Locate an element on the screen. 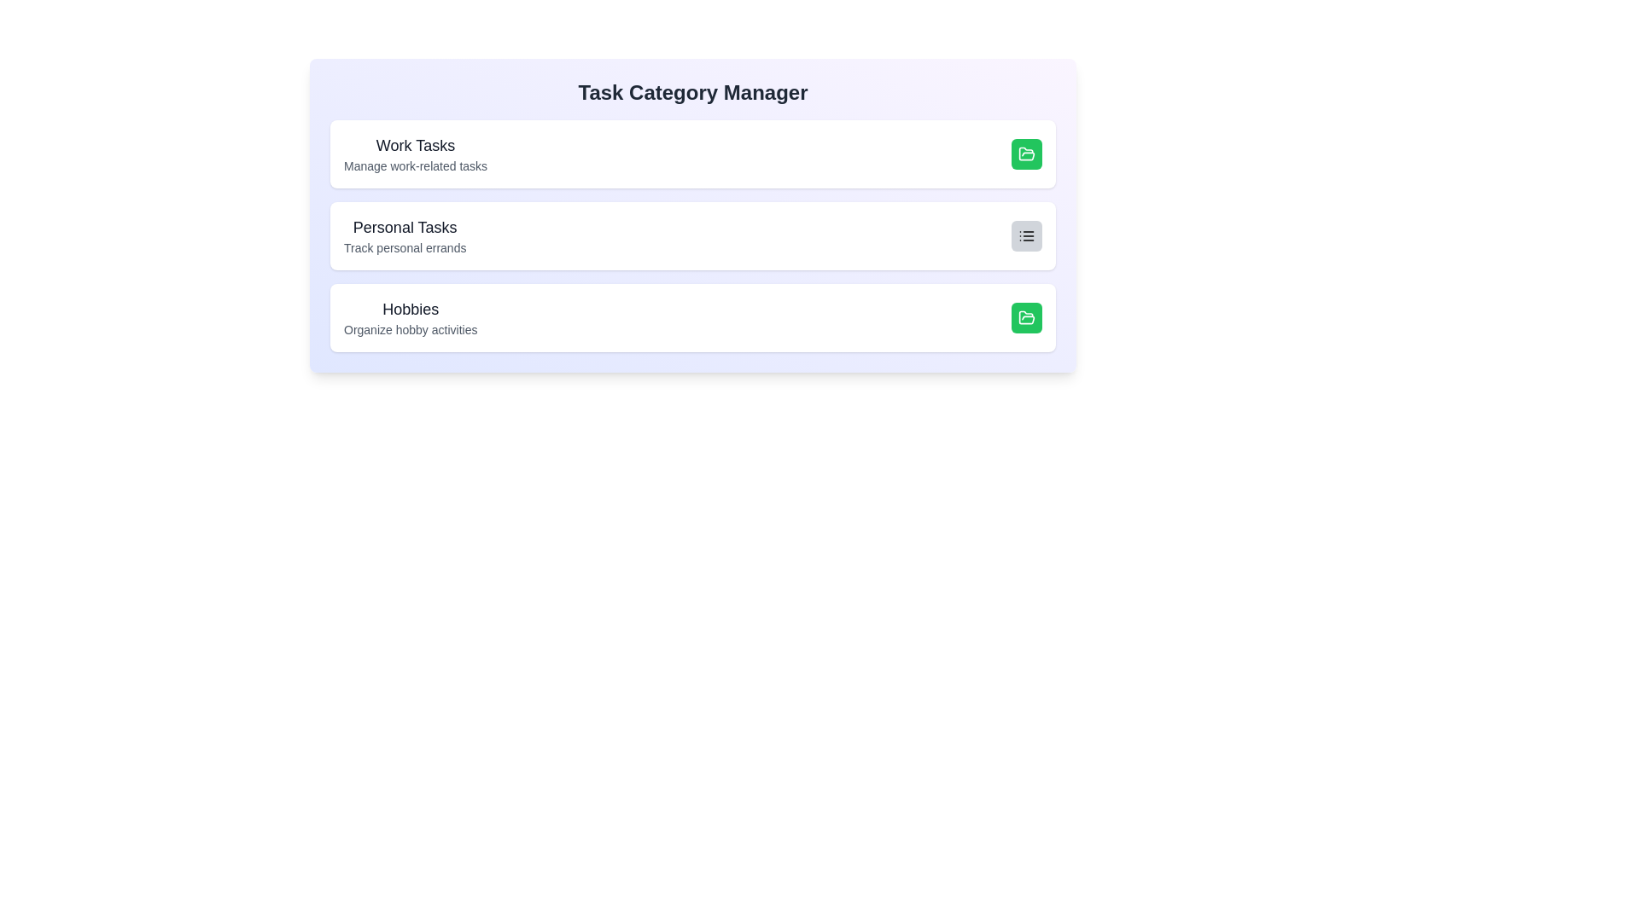 The image size is (1639, 921). the text of the heading 'Work Tasks' is located at coordinates (415, 144).